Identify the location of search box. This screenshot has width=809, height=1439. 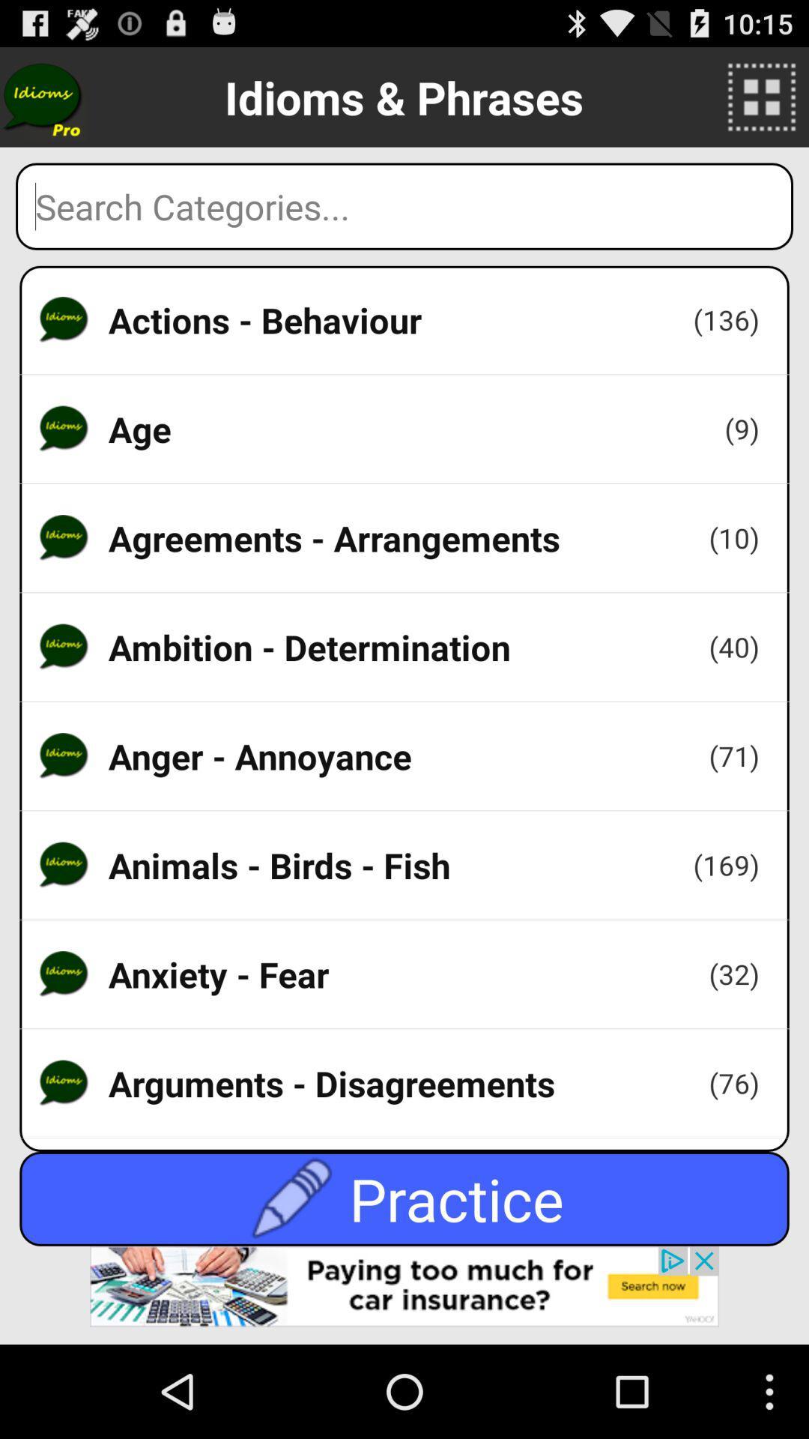
(404, 205).